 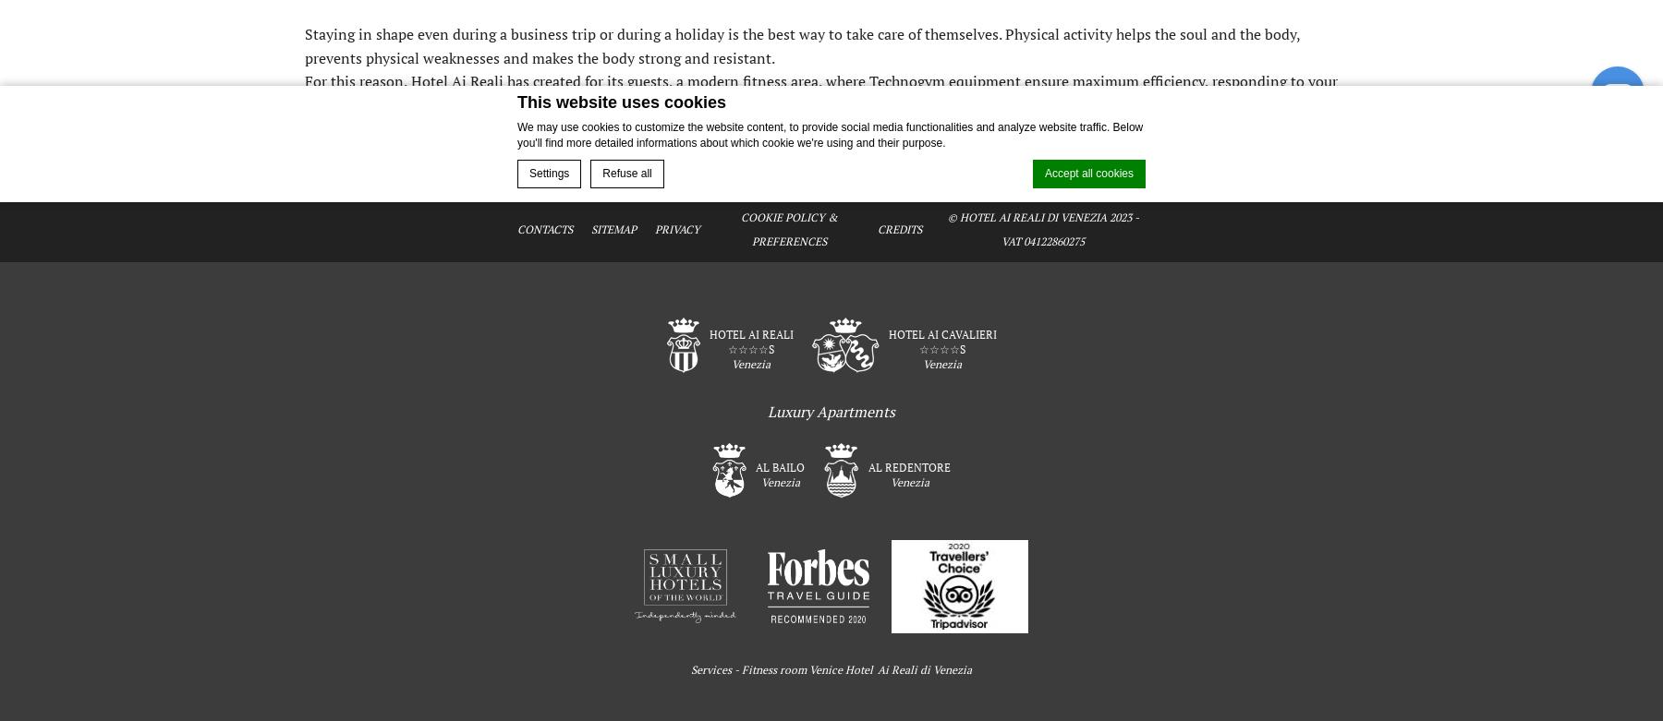 I want to click on 'Hotel Ai Reali', so click(x=750, y=333).